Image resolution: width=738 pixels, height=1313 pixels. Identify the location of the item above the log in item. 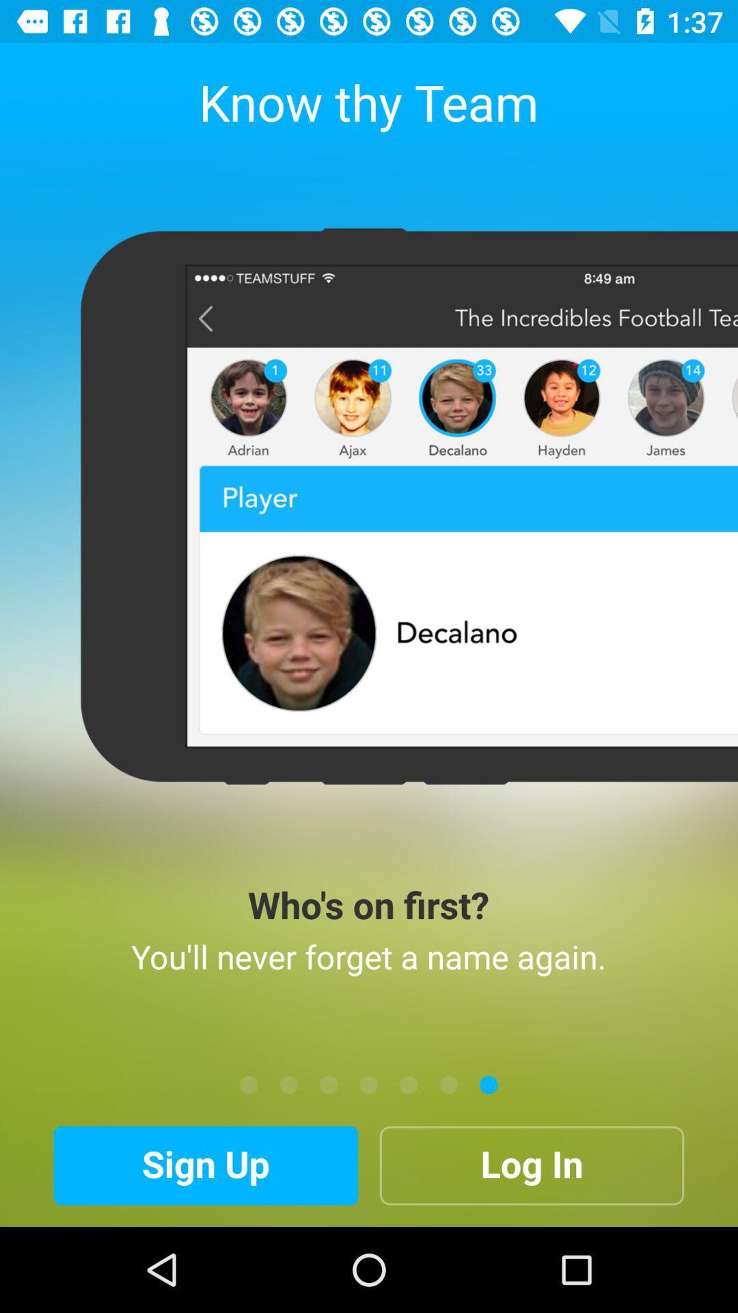
(408, 1084).